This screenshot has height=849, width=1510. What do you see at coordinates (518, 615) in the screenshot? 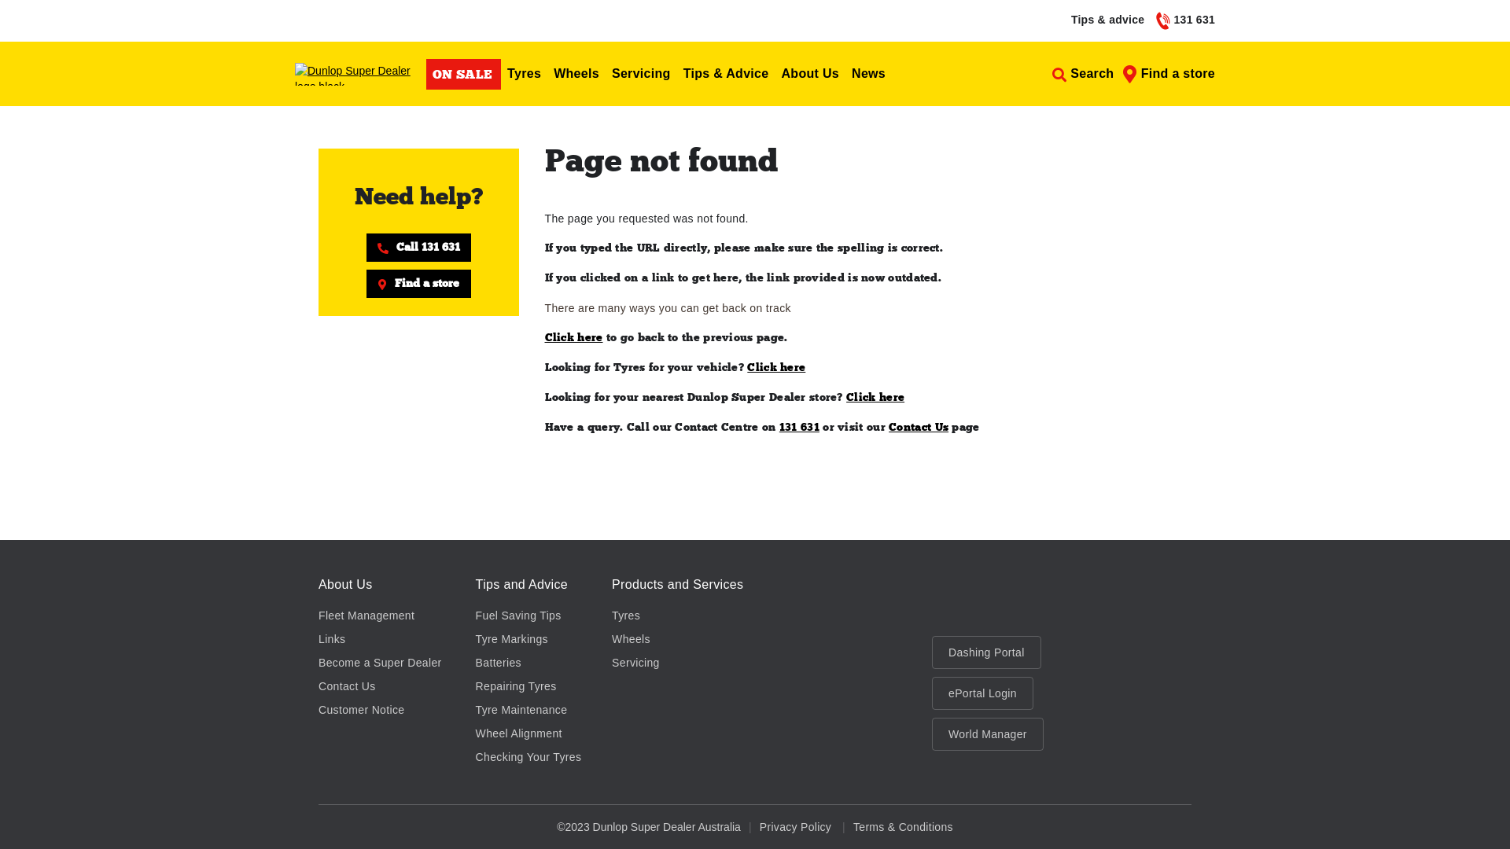
I see `'Fuel Saving Tips'` at bounding box center [518, 615].